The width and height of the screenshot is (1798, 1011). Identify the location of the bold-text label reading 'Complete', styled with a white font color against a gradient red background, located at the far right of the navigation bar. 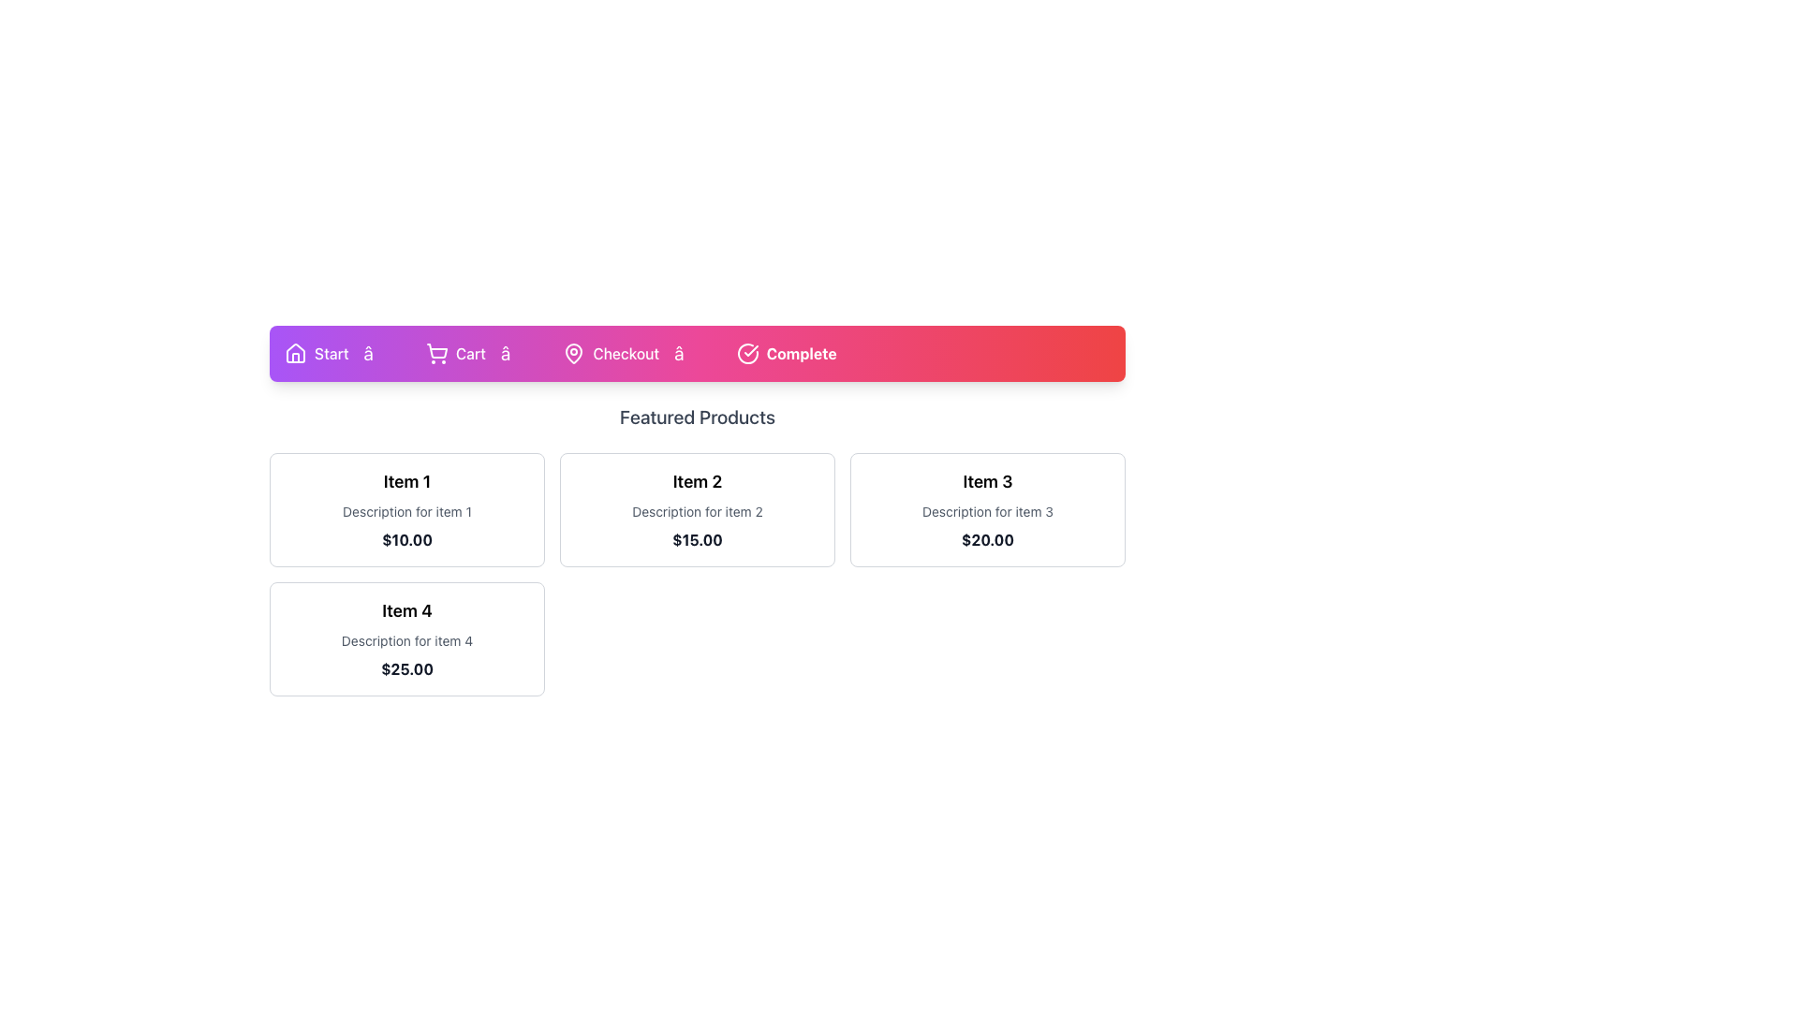
(802, 354).